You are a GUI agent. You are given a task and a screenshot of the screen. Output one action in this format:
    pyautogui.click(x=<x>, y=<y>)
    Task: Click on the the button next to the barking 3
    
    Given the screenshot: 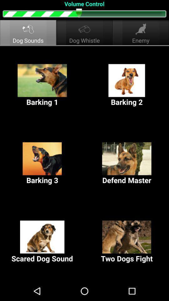 What is the action you would take?
    pyautogui.click(x=127, y=163)
    